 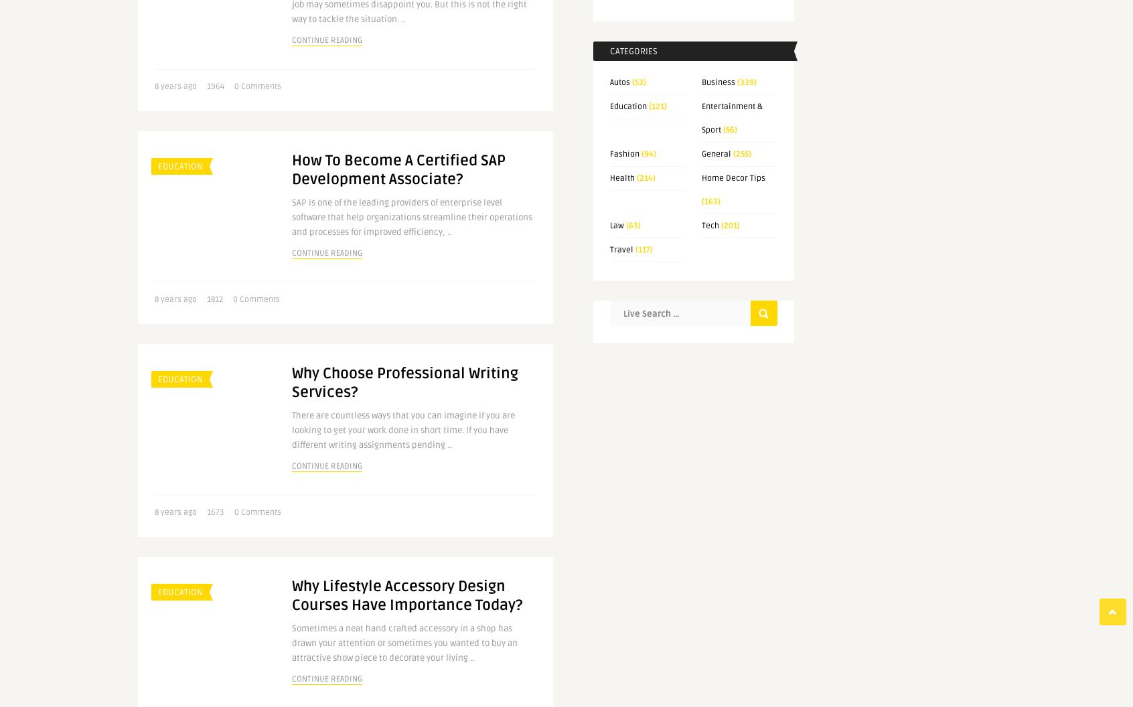 What do you see at coordinates (609, 82) in the screenshot?
I see `'Autos'` at bounding box center [609, 82].